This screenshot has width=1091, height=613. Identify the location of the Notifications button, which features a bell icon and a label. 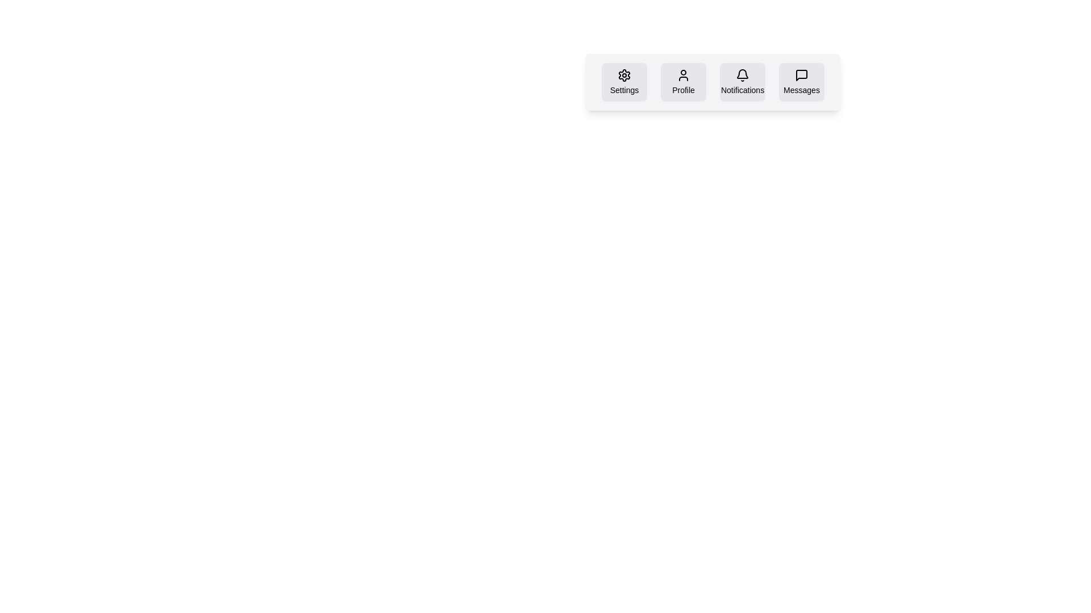
(742, 82).